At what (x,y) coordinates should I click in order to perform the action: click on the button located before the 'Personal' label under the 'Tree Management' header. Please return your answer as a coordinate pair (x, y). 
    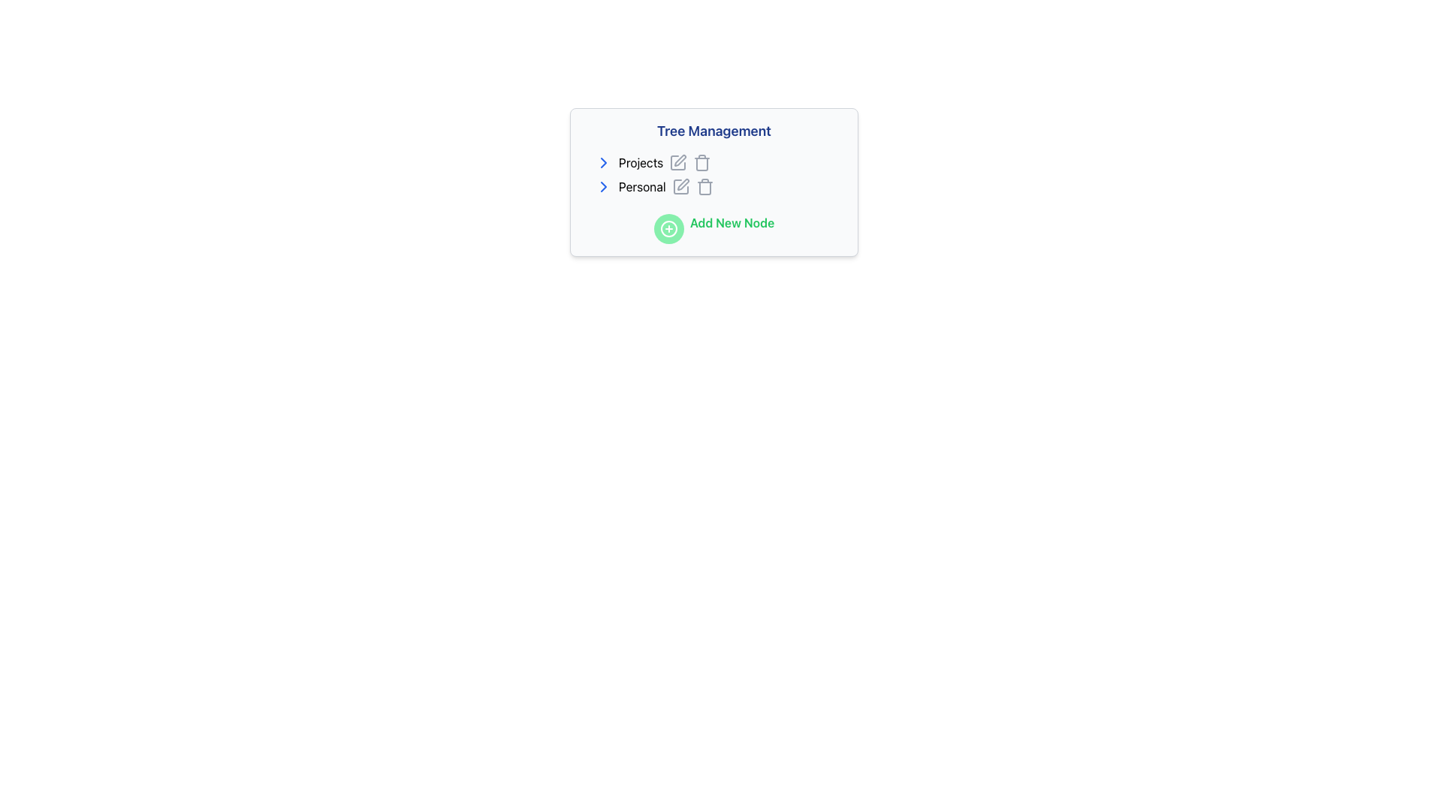
    Looking at the image, I should click on (604, 186).